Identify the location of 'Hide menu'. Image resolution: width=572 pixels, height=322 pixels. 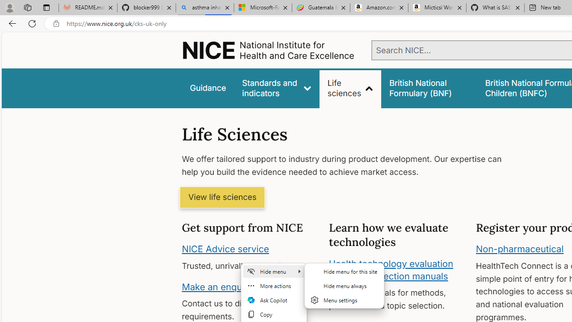
(273, 271).